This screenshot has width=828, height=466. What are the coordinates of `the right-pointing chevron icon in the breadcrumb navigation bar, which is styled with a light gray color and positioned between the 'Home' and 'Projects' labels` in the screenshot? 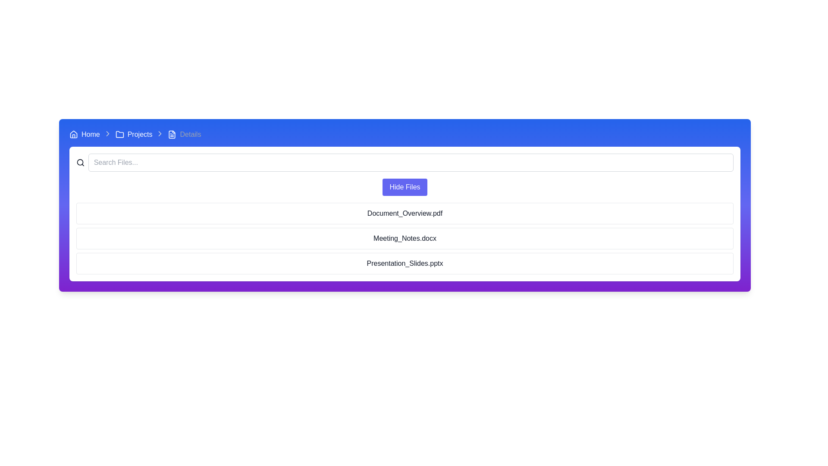 It's located at (107, 133).